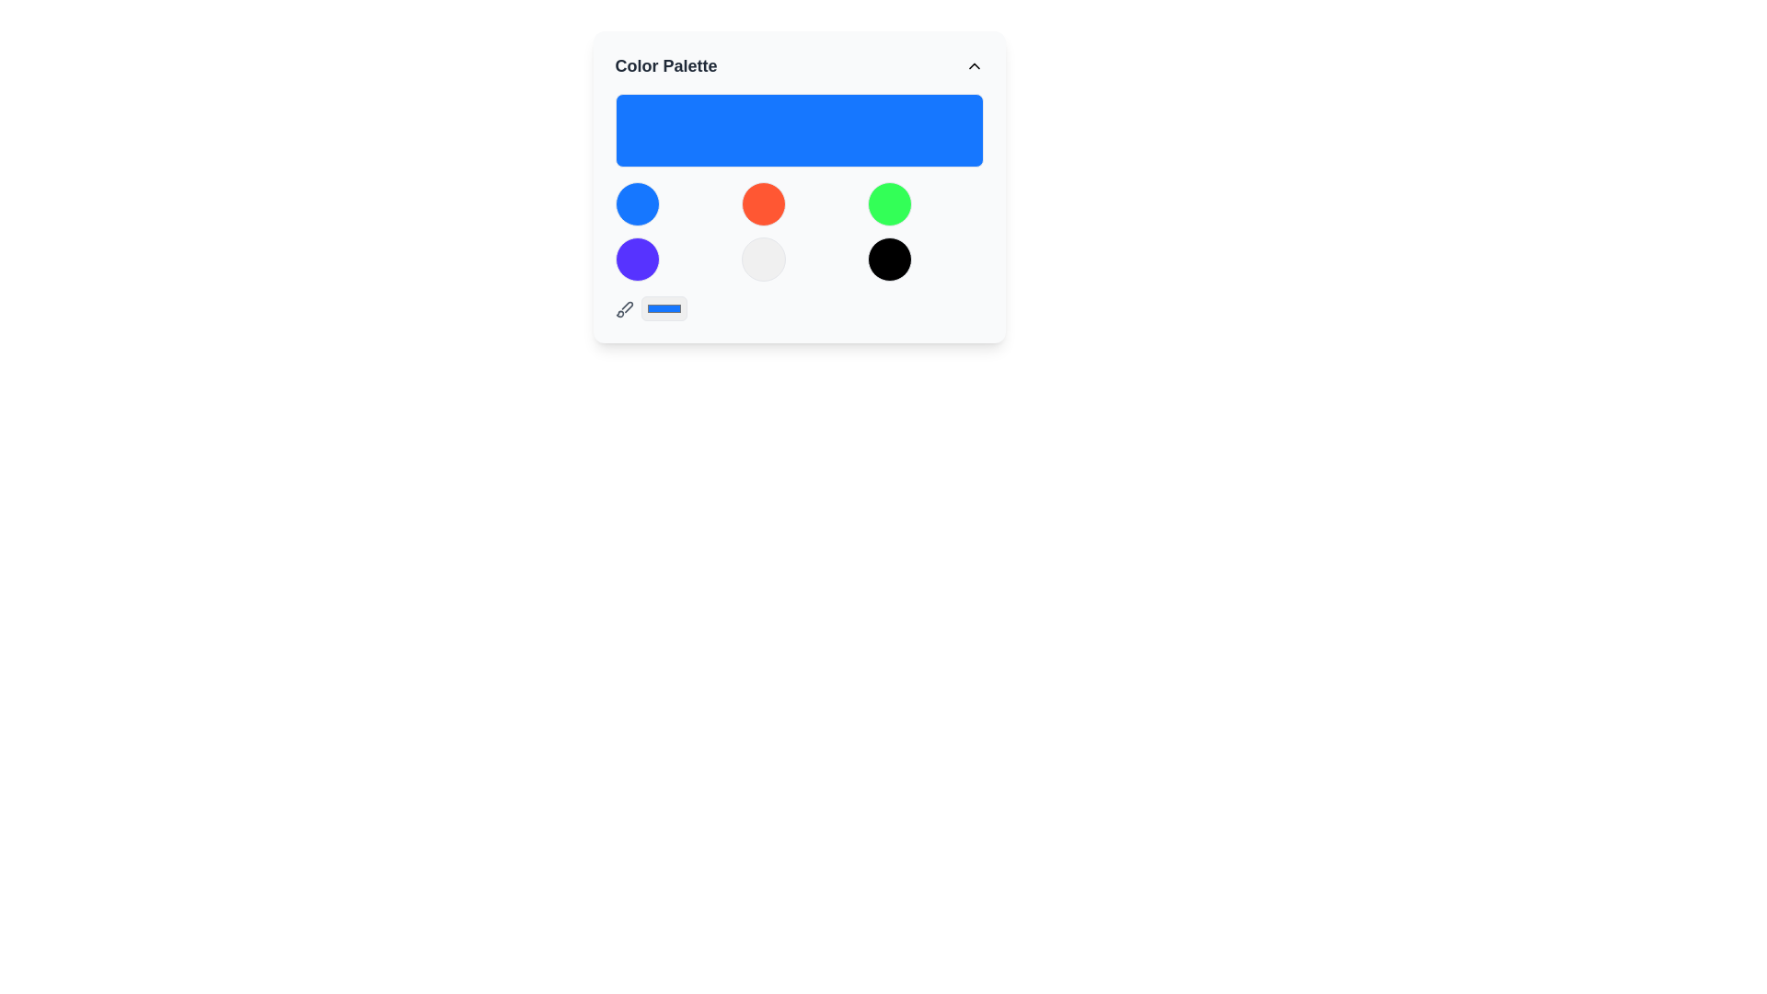  I want to click on the color selector button located in the second column of the first row of a grid layout, which allows the user to activate the associated orange color, so click(763, 204).